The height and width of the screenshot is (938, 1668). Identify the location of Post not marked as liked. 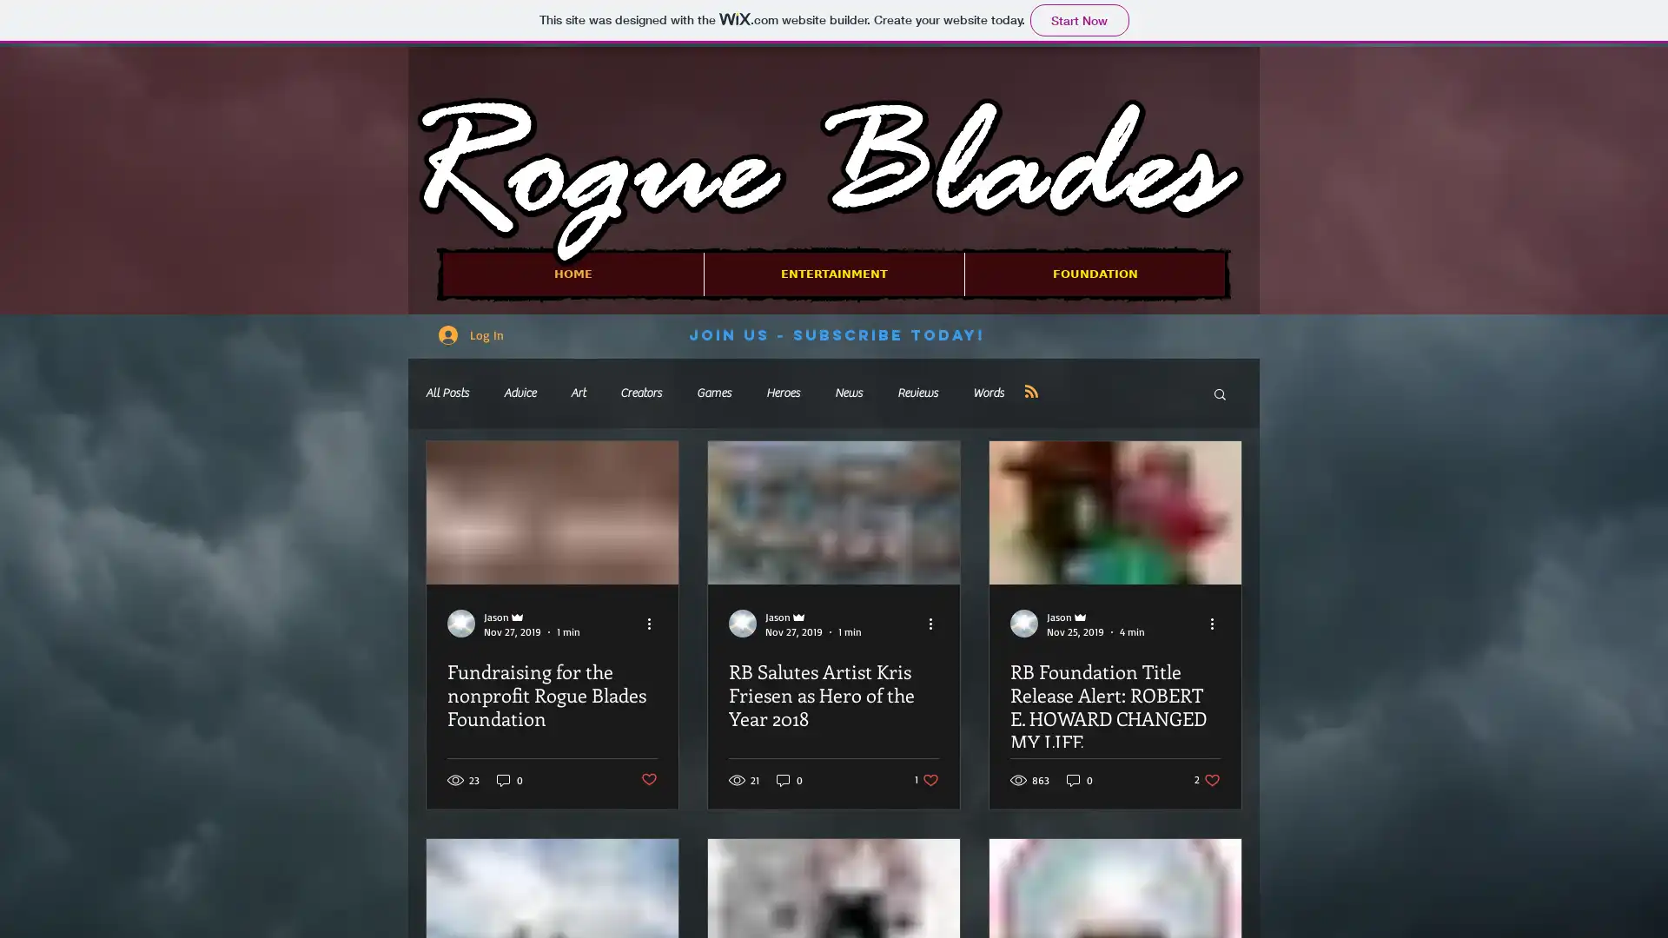
(648, 778).